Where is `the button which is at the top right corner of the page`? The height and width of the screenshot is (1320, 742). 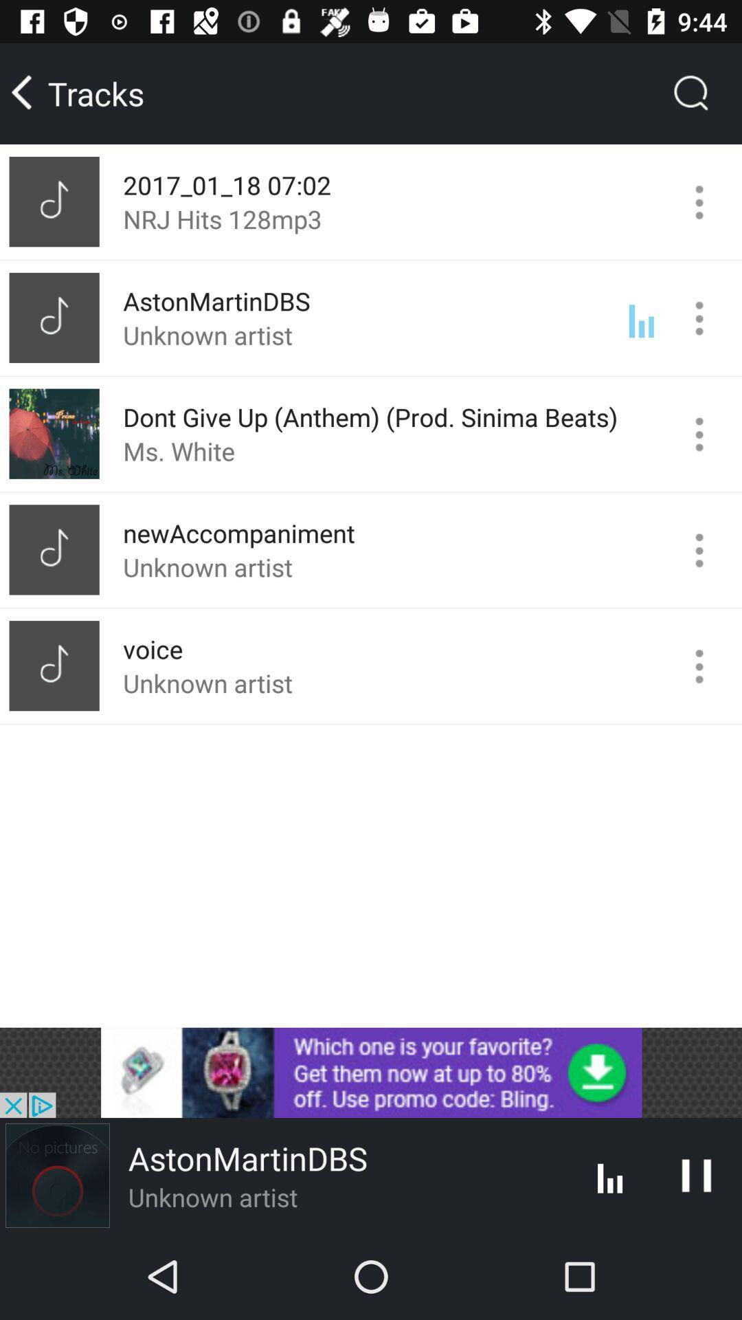
the button which is at the top right corner of the page is located at coordinates (691, 93).